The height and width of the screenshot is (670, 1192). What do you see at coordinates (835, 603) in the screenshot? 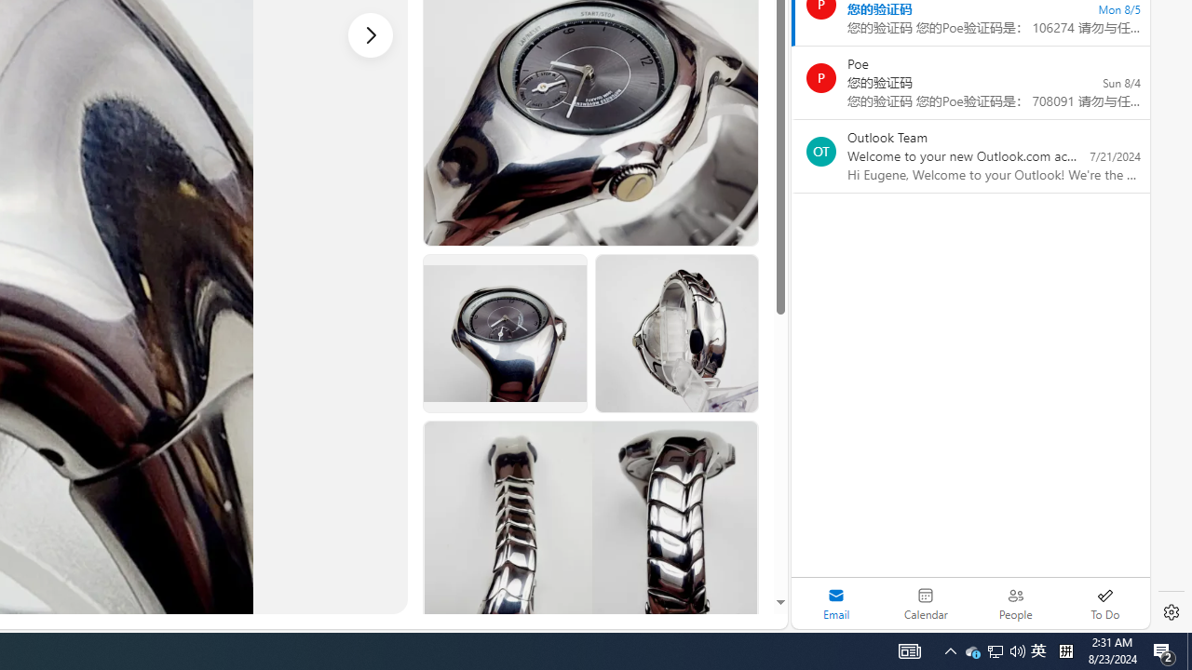
I see `'Selected mail module'` at bounding box center [835, 603].